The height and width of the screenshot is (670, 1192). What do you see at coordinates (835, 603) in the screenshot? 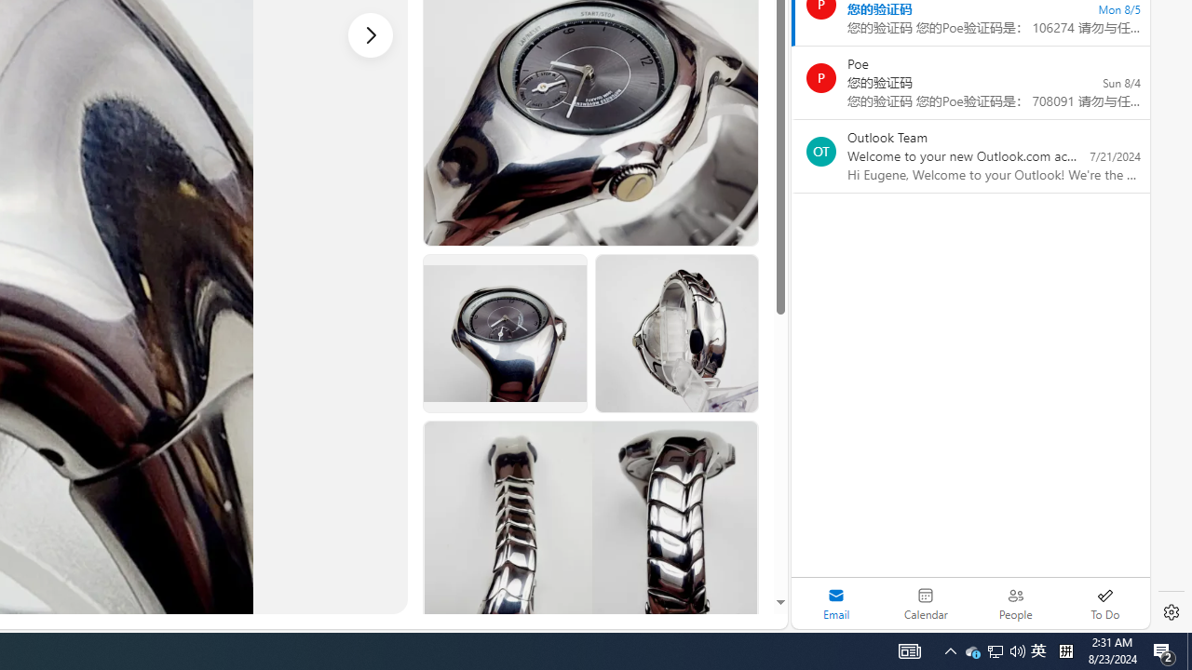
I see `'Selected mail module'` at bounding box center [835, 603].